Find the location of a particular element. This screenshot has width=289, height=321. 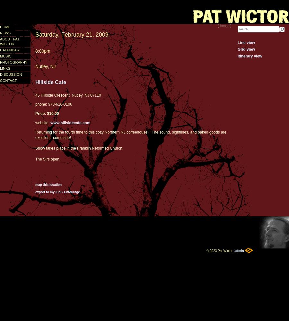

'Grid view' is located at coordinates (246, 49).